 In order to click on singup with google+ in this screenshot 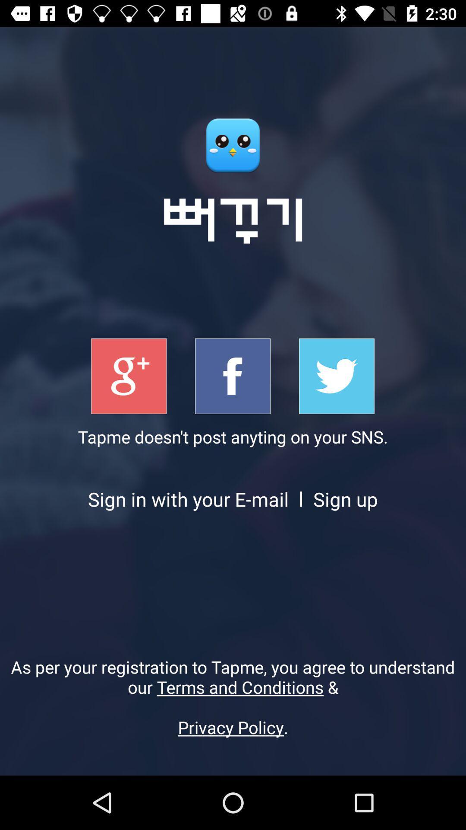, I will do `click(129, 376)`.